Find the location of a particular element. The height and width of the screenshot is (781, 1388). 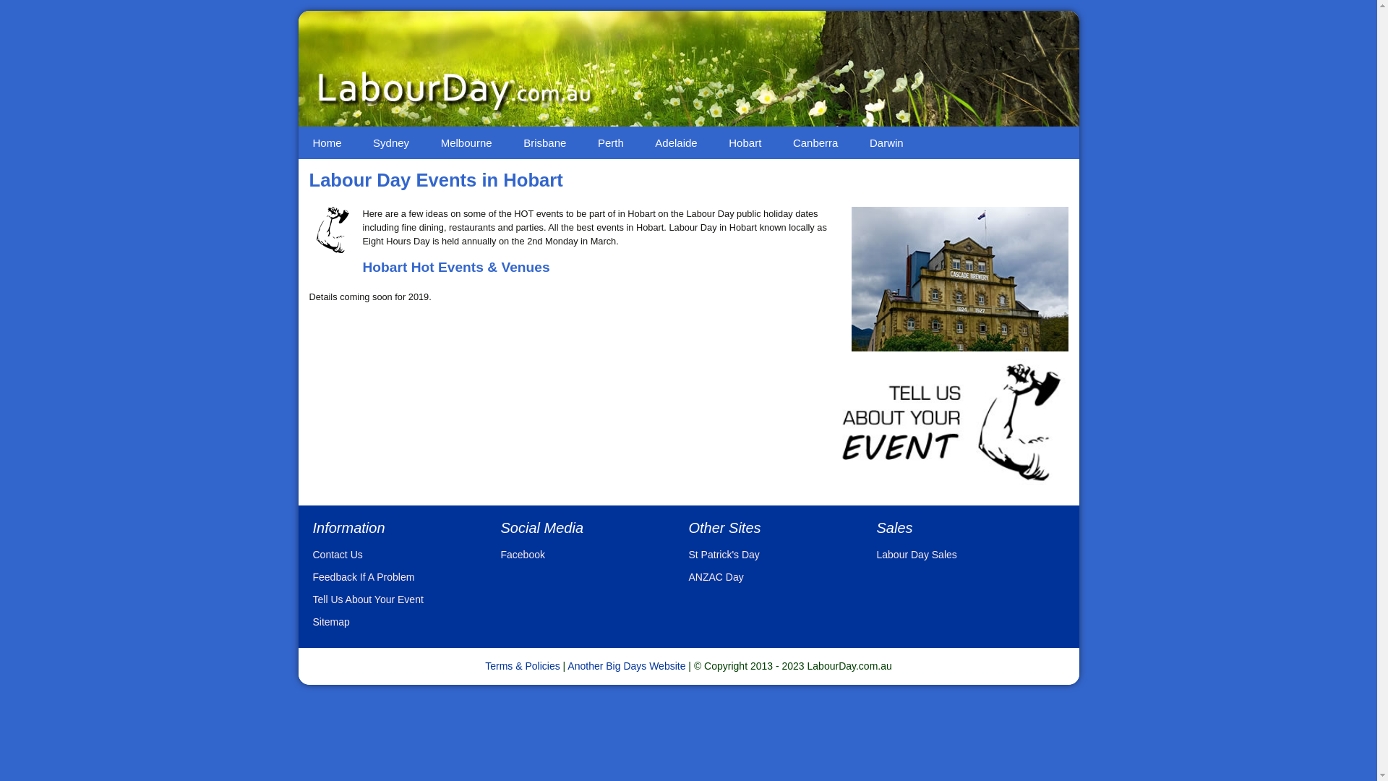

'Another Big Days Website' is located at coordinates (567, 666).